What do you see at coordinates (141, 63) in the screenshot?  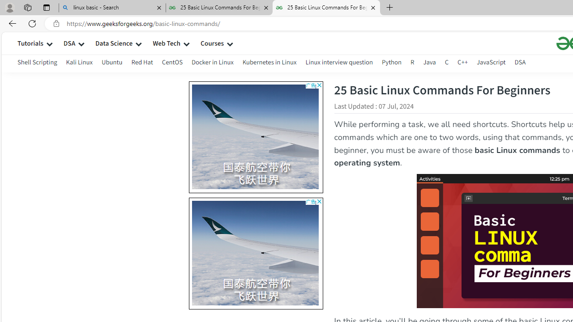 I see `'Red Hat'` at bounding box center [141, 63].